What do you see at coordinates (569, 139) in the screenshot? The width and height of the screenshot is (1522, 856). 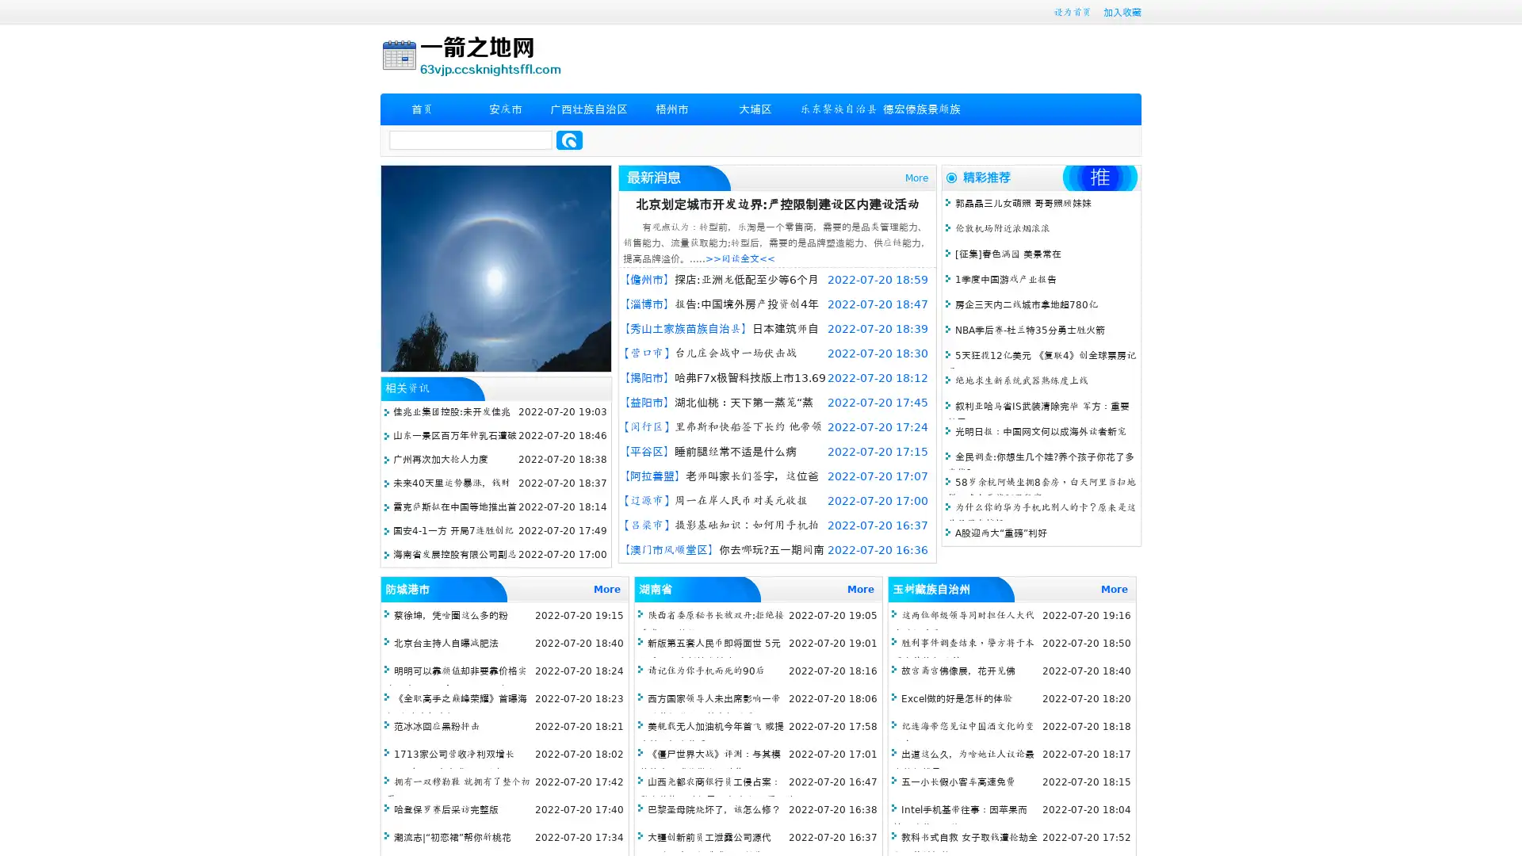 I see `Search` at bounding box center [569, 139].